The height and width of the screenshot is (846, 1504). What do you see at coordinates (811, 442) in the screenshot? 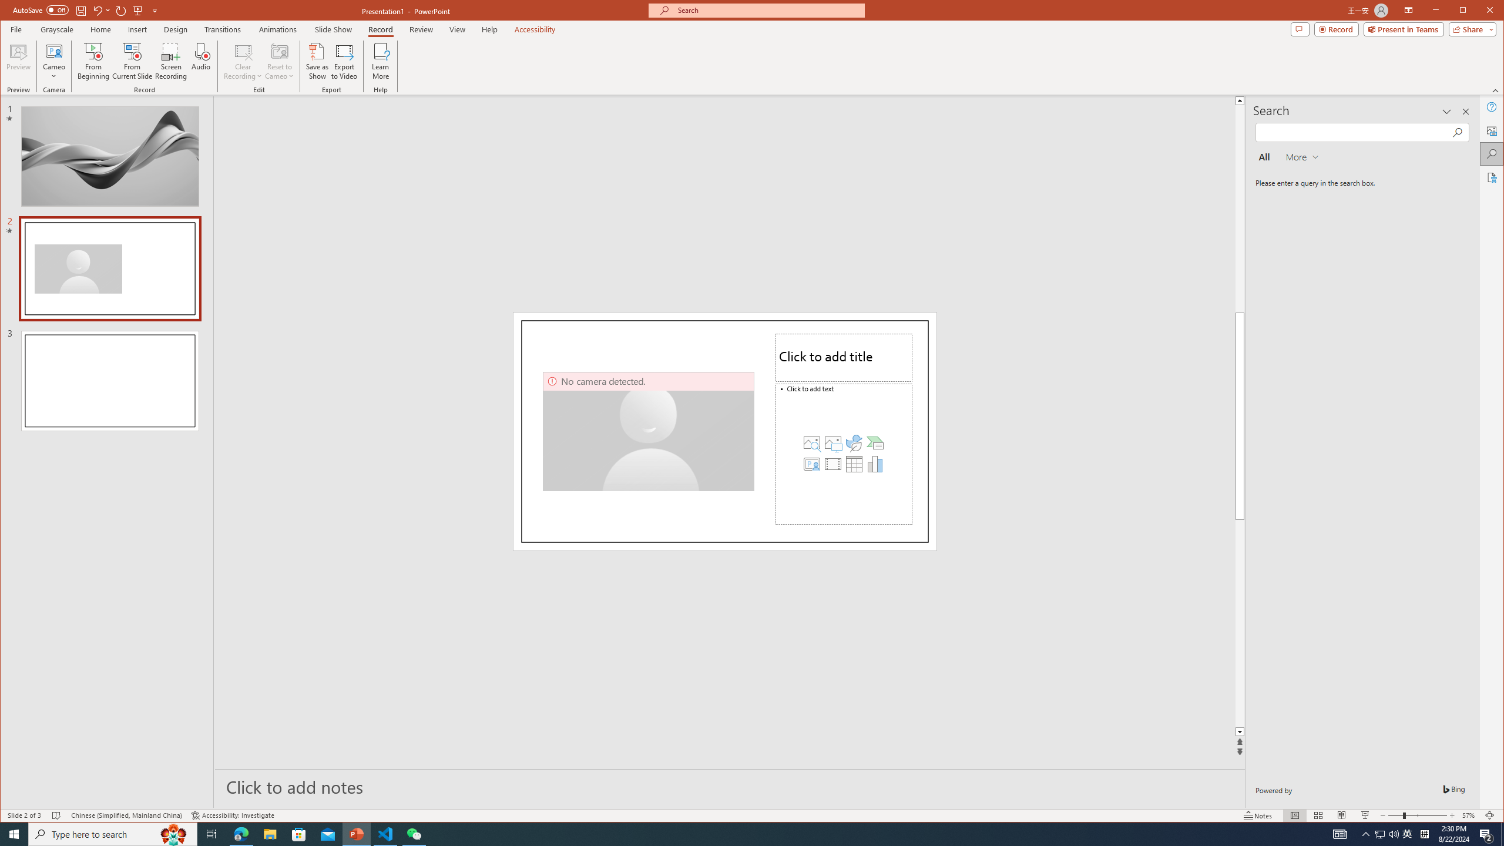
I see `'Stock Images'` at bounding box center [811, 442].